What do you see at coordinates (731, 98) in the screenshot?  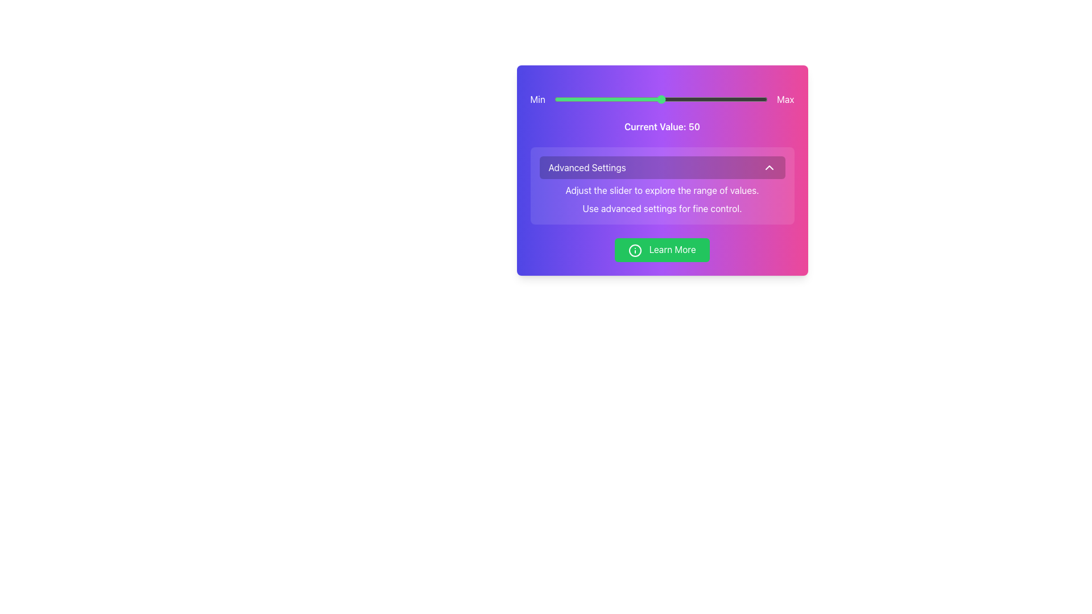 I see `the value of the slider` at bounding box center [731, 98].